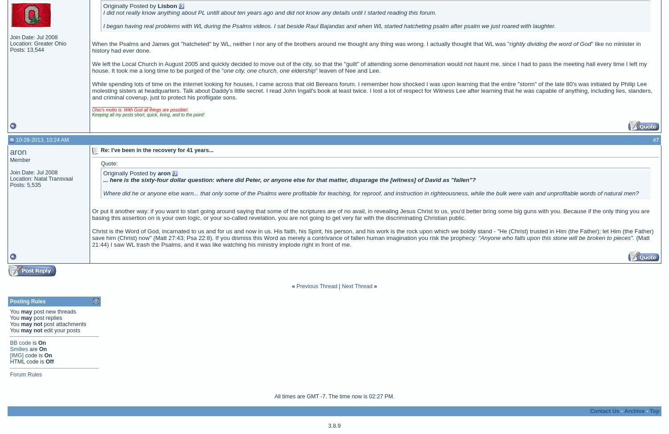 This screenshot has width=669, height=434. What do you see at coordinates (19, 348) in the screenshot?
I see `'Smilies'` at bounding box center [19, 348].